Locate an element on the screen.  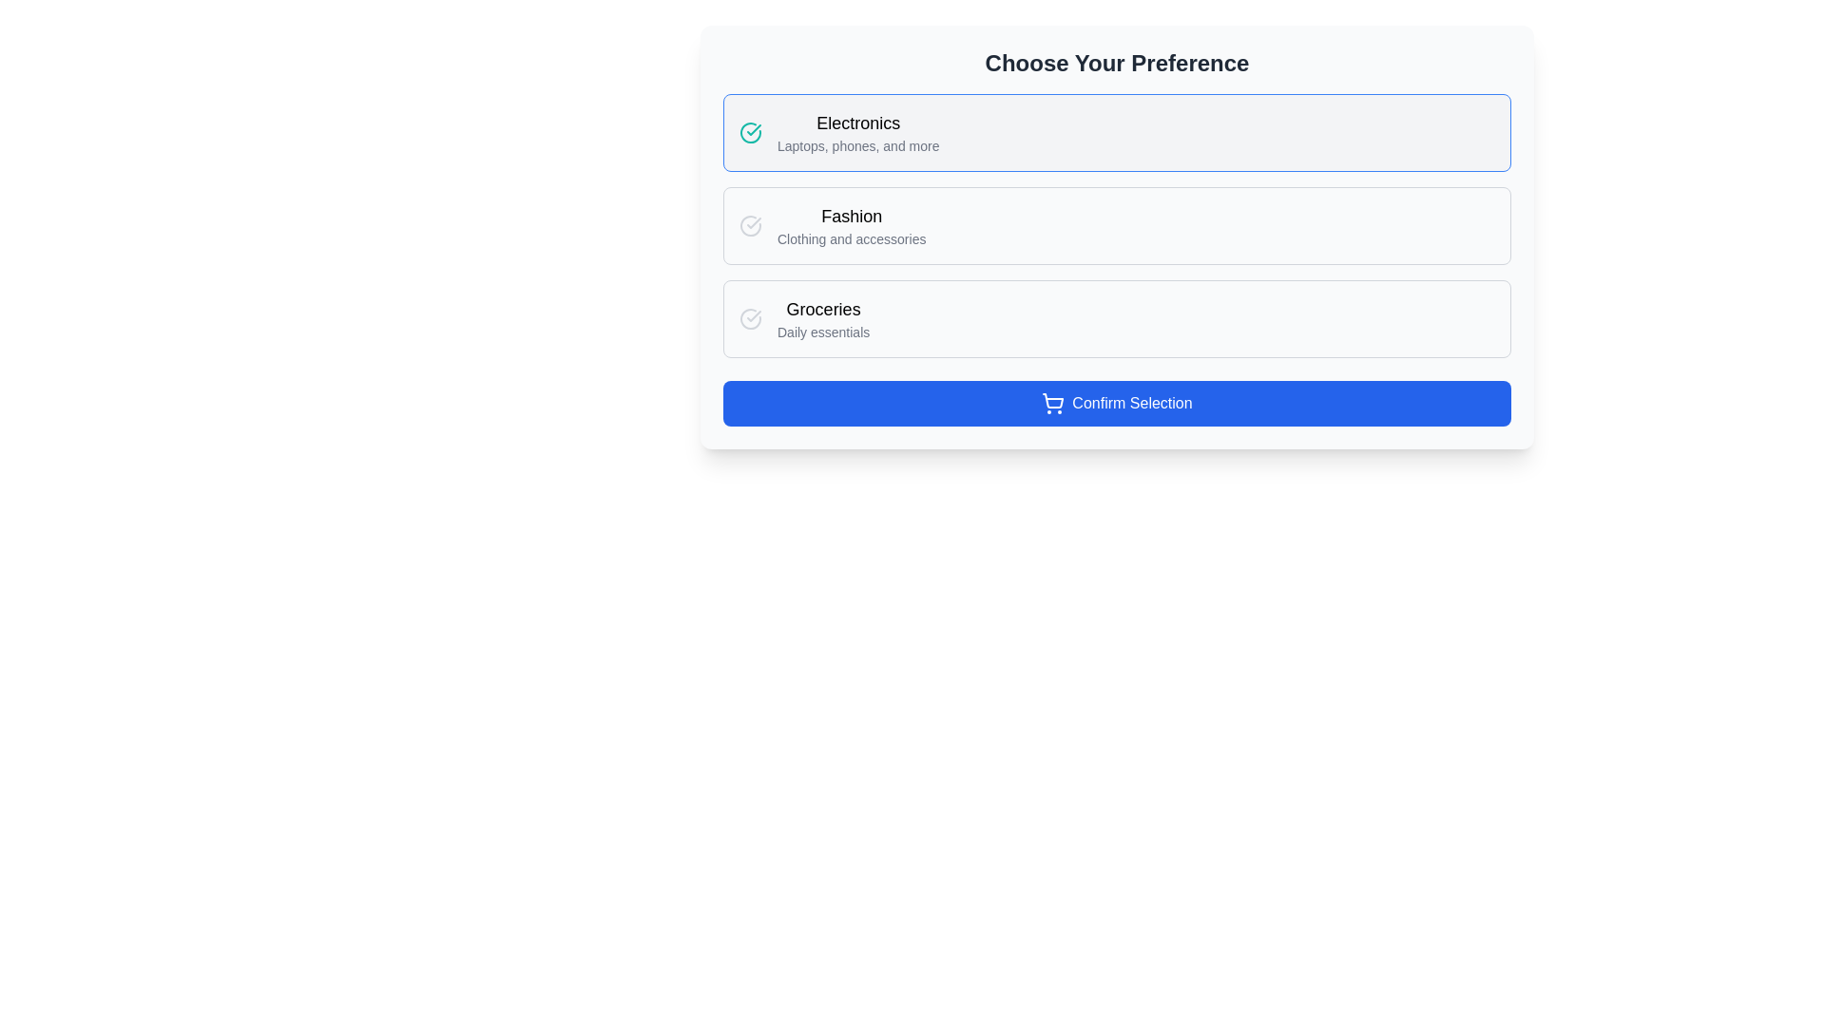
the text element displaying 'Daily essentials' located beneath 'Groceries' in the third section of the selection interface is located at coordinates (823, 332).